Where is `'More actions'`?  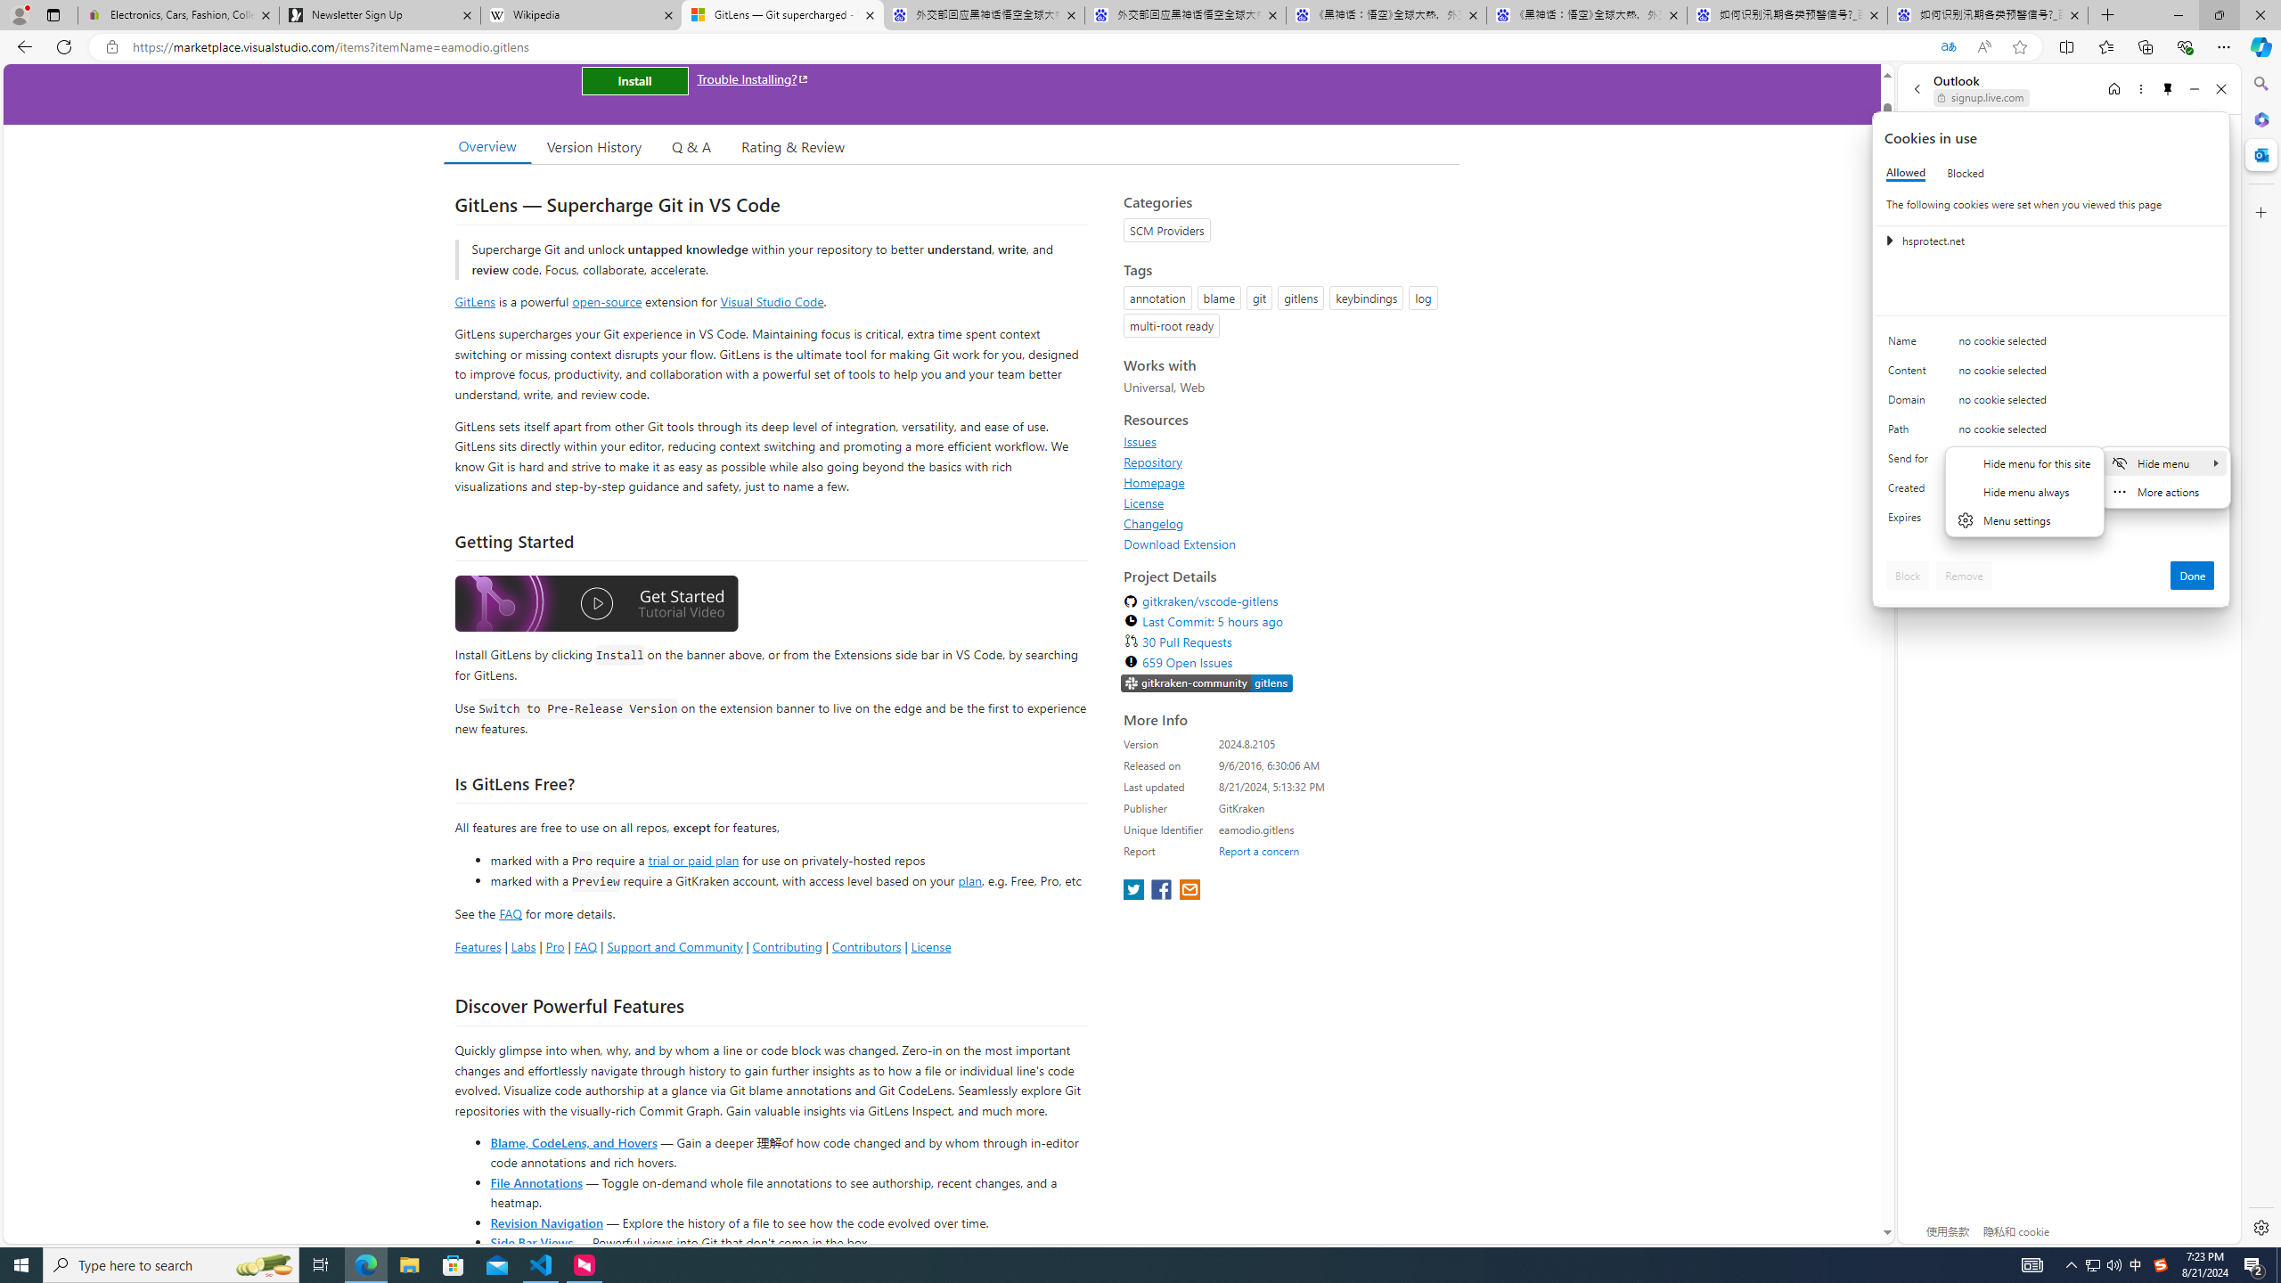
'More actions' is located at coordinates (2164, 491).